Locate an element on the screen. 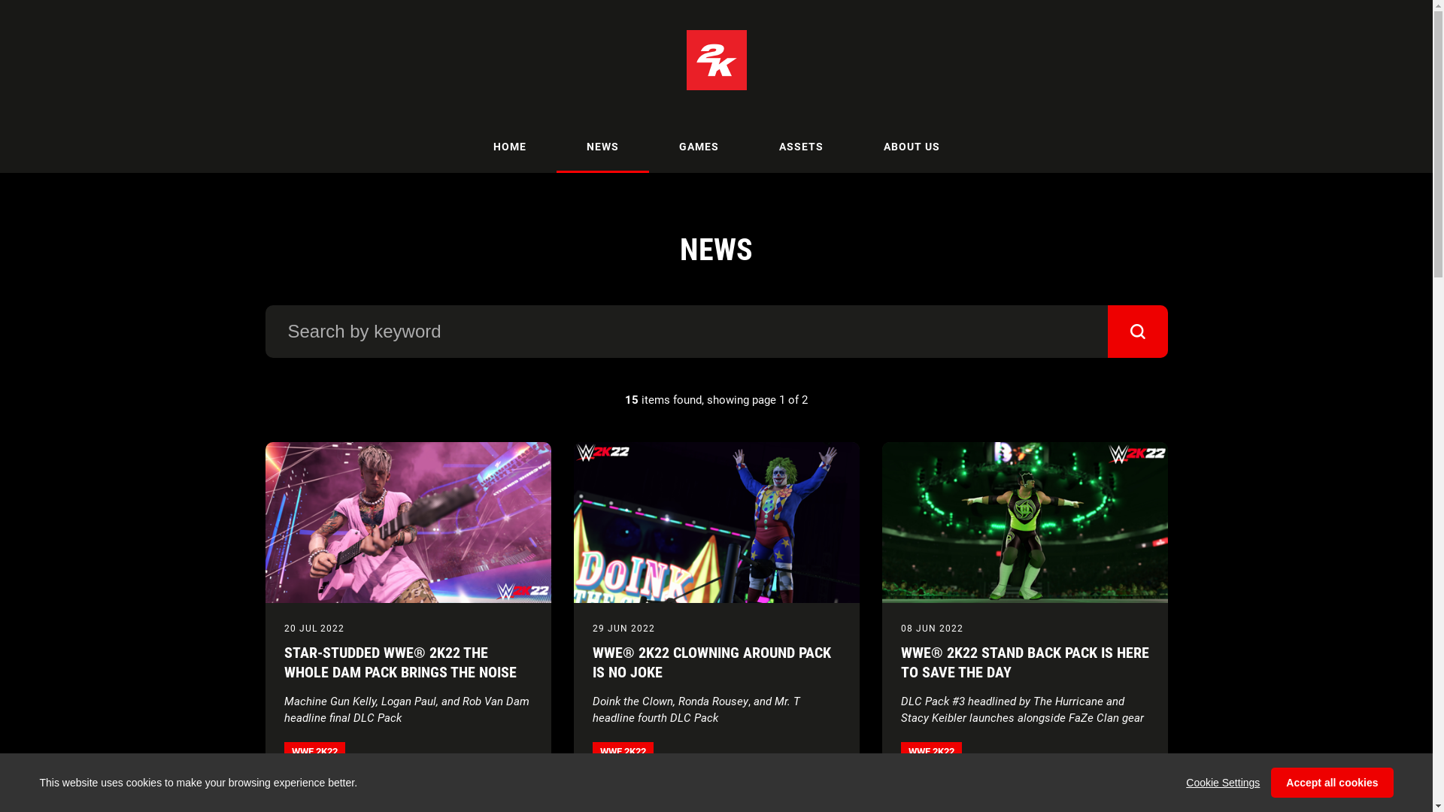 The image size is (1444, 812). 'Go' is located at coordinates (1107, 330).